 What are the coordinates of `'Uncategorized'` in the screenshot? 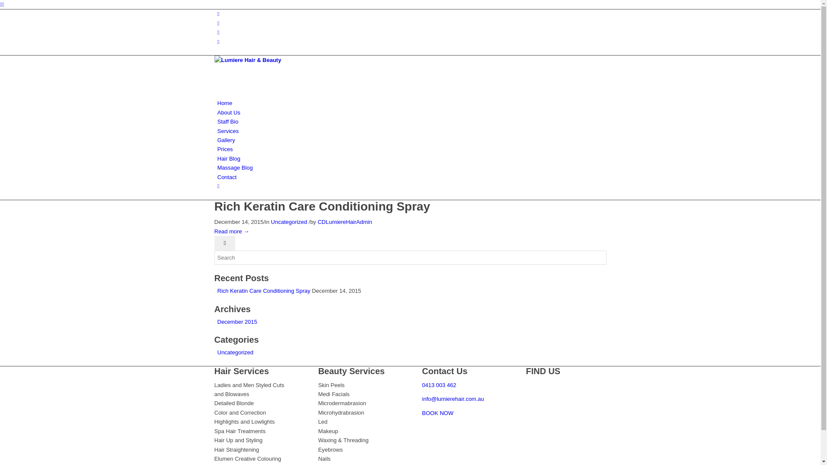 It's located at (289, 221).